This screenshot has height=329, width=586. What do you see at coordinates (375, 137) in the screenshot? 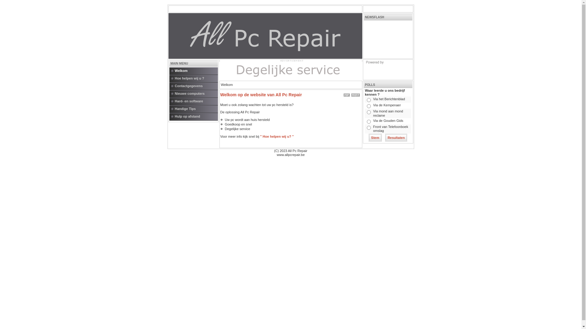
I see `'Stem'` at bounding box center [375, 137].